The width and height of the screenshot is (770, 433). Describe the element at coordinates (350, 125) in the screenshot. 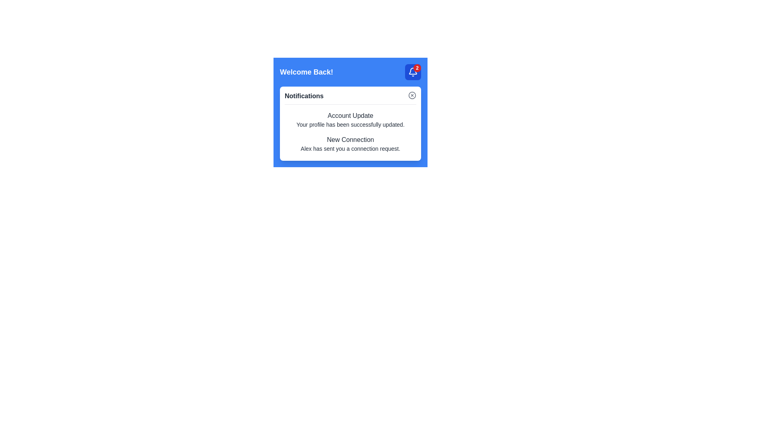

I see `the text label displaying 'Your profile has been successfully updated.' located in the notification panel below the title 'Account Update'` at that location.